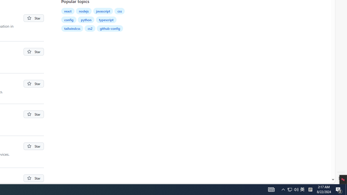 The height and width of the screenshot is (195, 347). Describe the element at coordinates (120, 11) in the screenshot. I see `'css'` at that location.